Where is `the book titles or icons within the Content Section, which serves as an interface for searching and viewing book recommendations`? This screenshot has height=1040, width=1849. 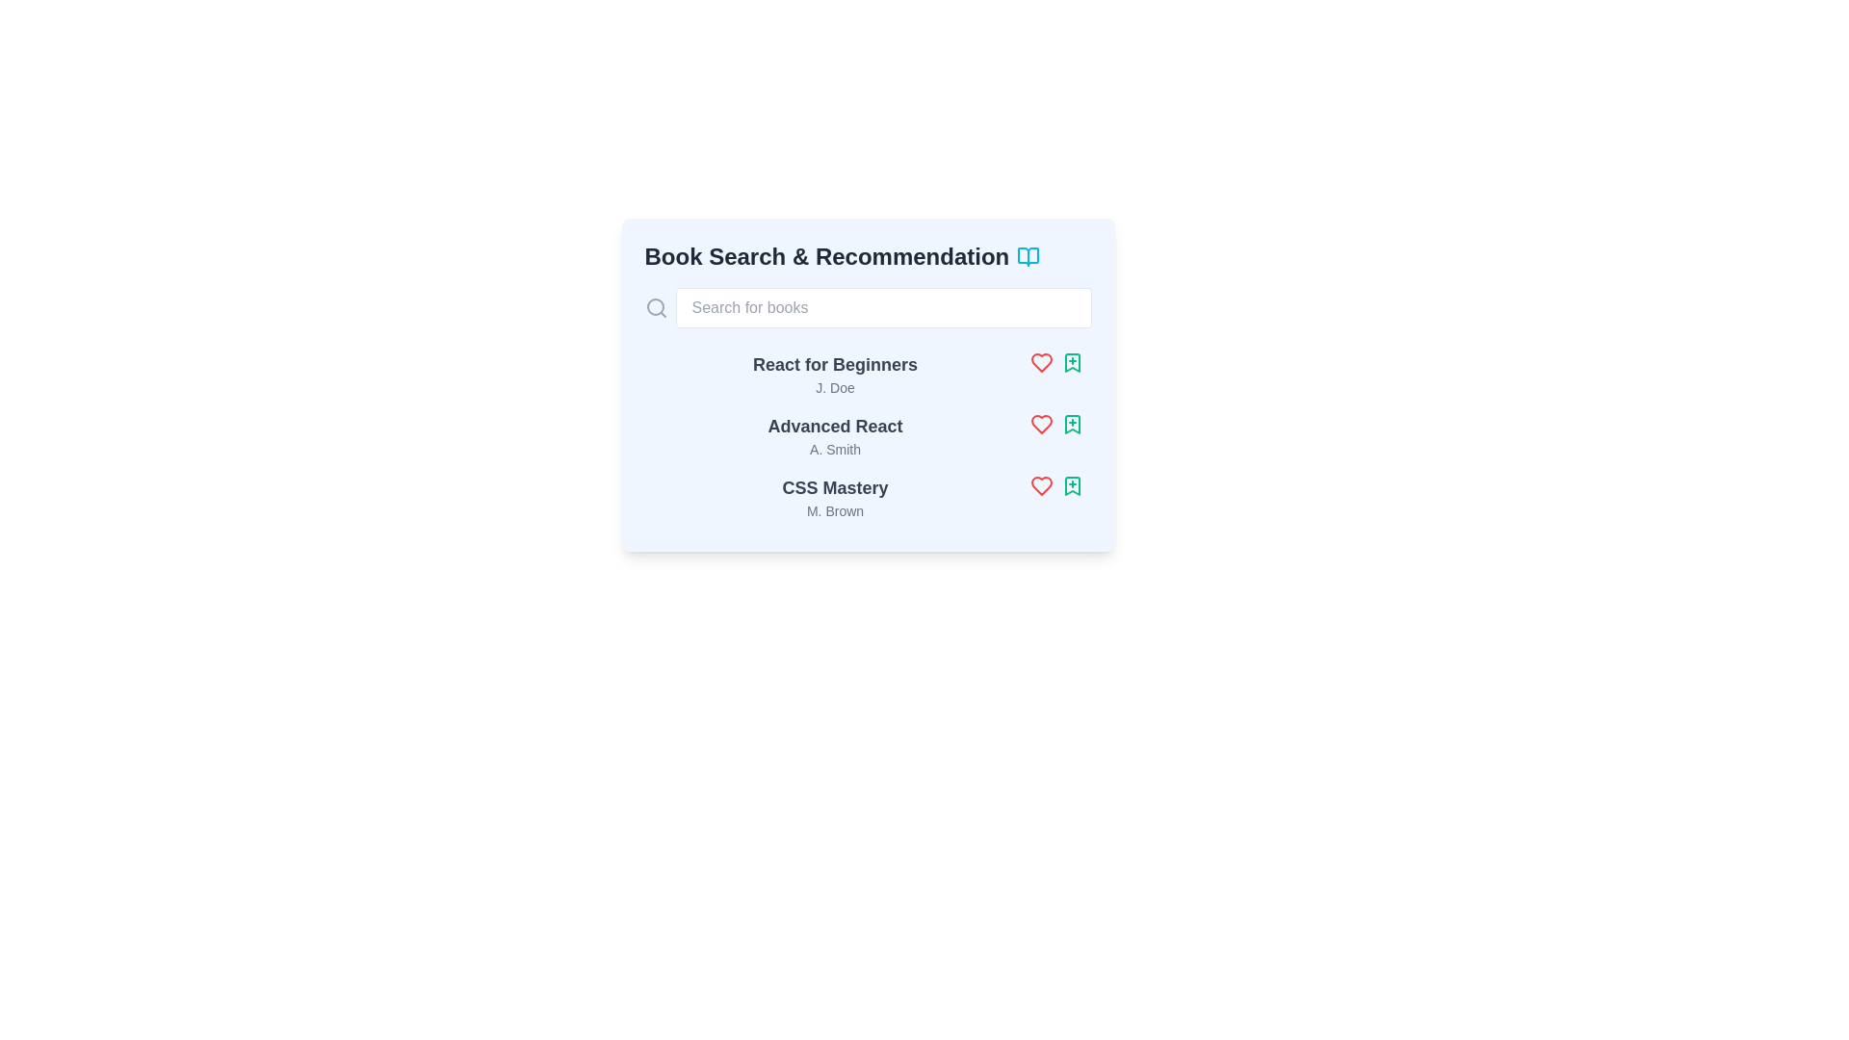 the book titles or icons within the Content Section, which serves as an interface for searching and viewing book recommendations is located at coordinates (867, 385).